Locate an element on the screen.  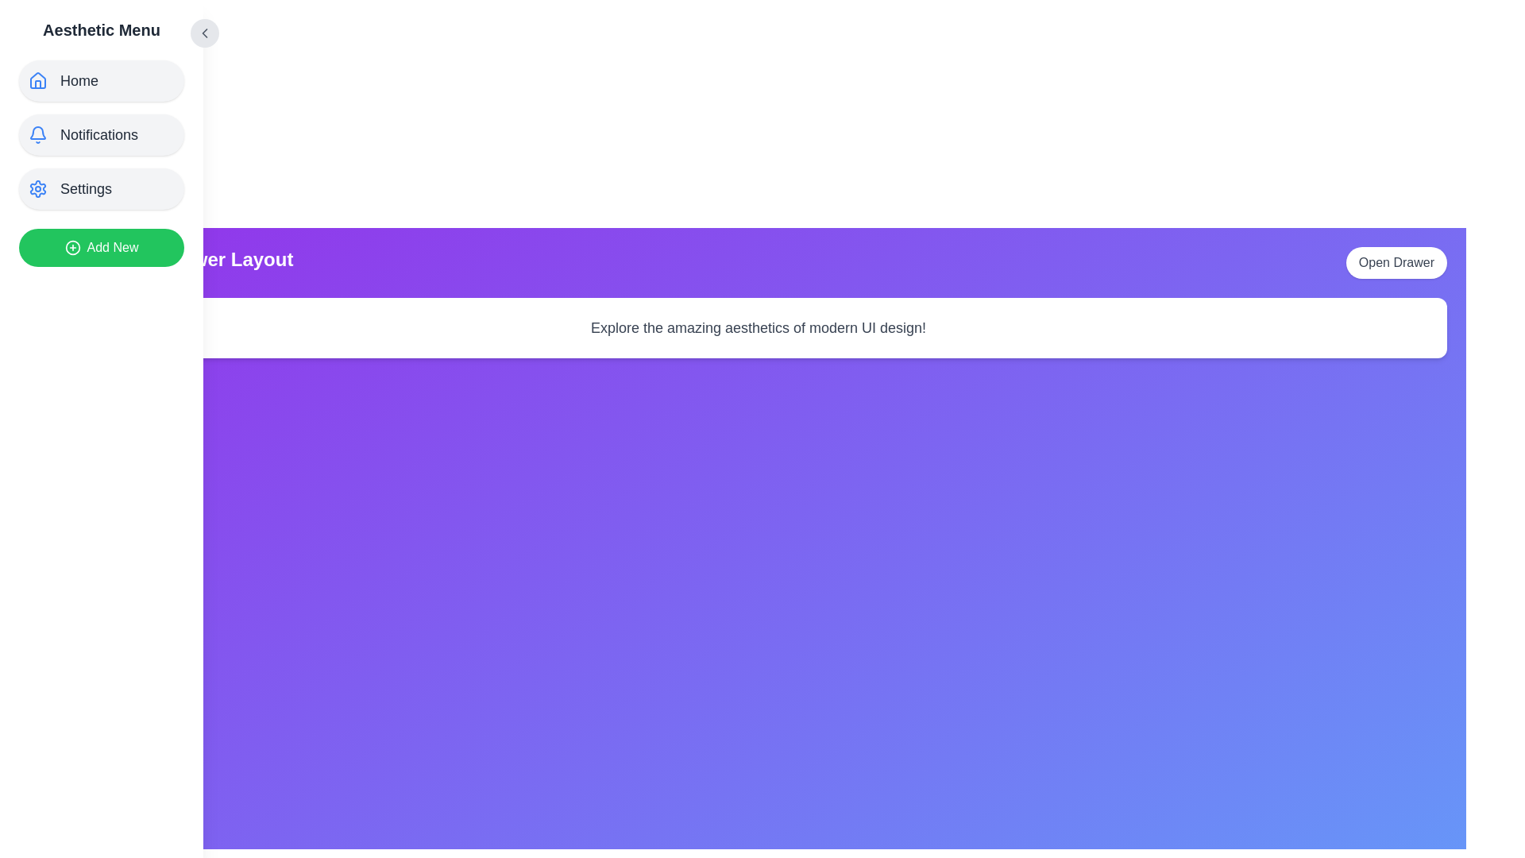
the 'Notifications' button in the vertical stack of buttons, which is positioned under the 'Aesthetic Menu' title and above the 'Add New' button is located at coordinates (101, 133).